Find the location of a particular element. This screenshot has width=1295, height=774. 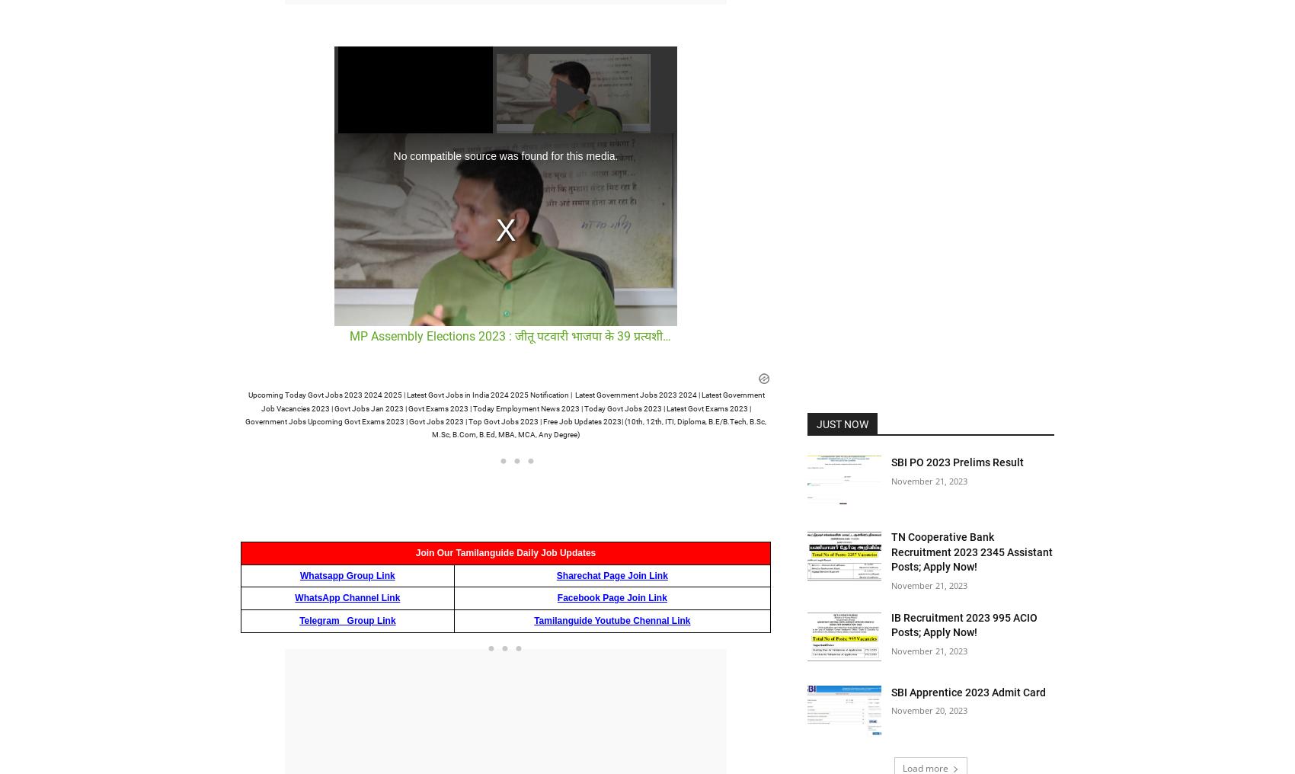

'November 20, 2023' is located at coordinates (928, 709).